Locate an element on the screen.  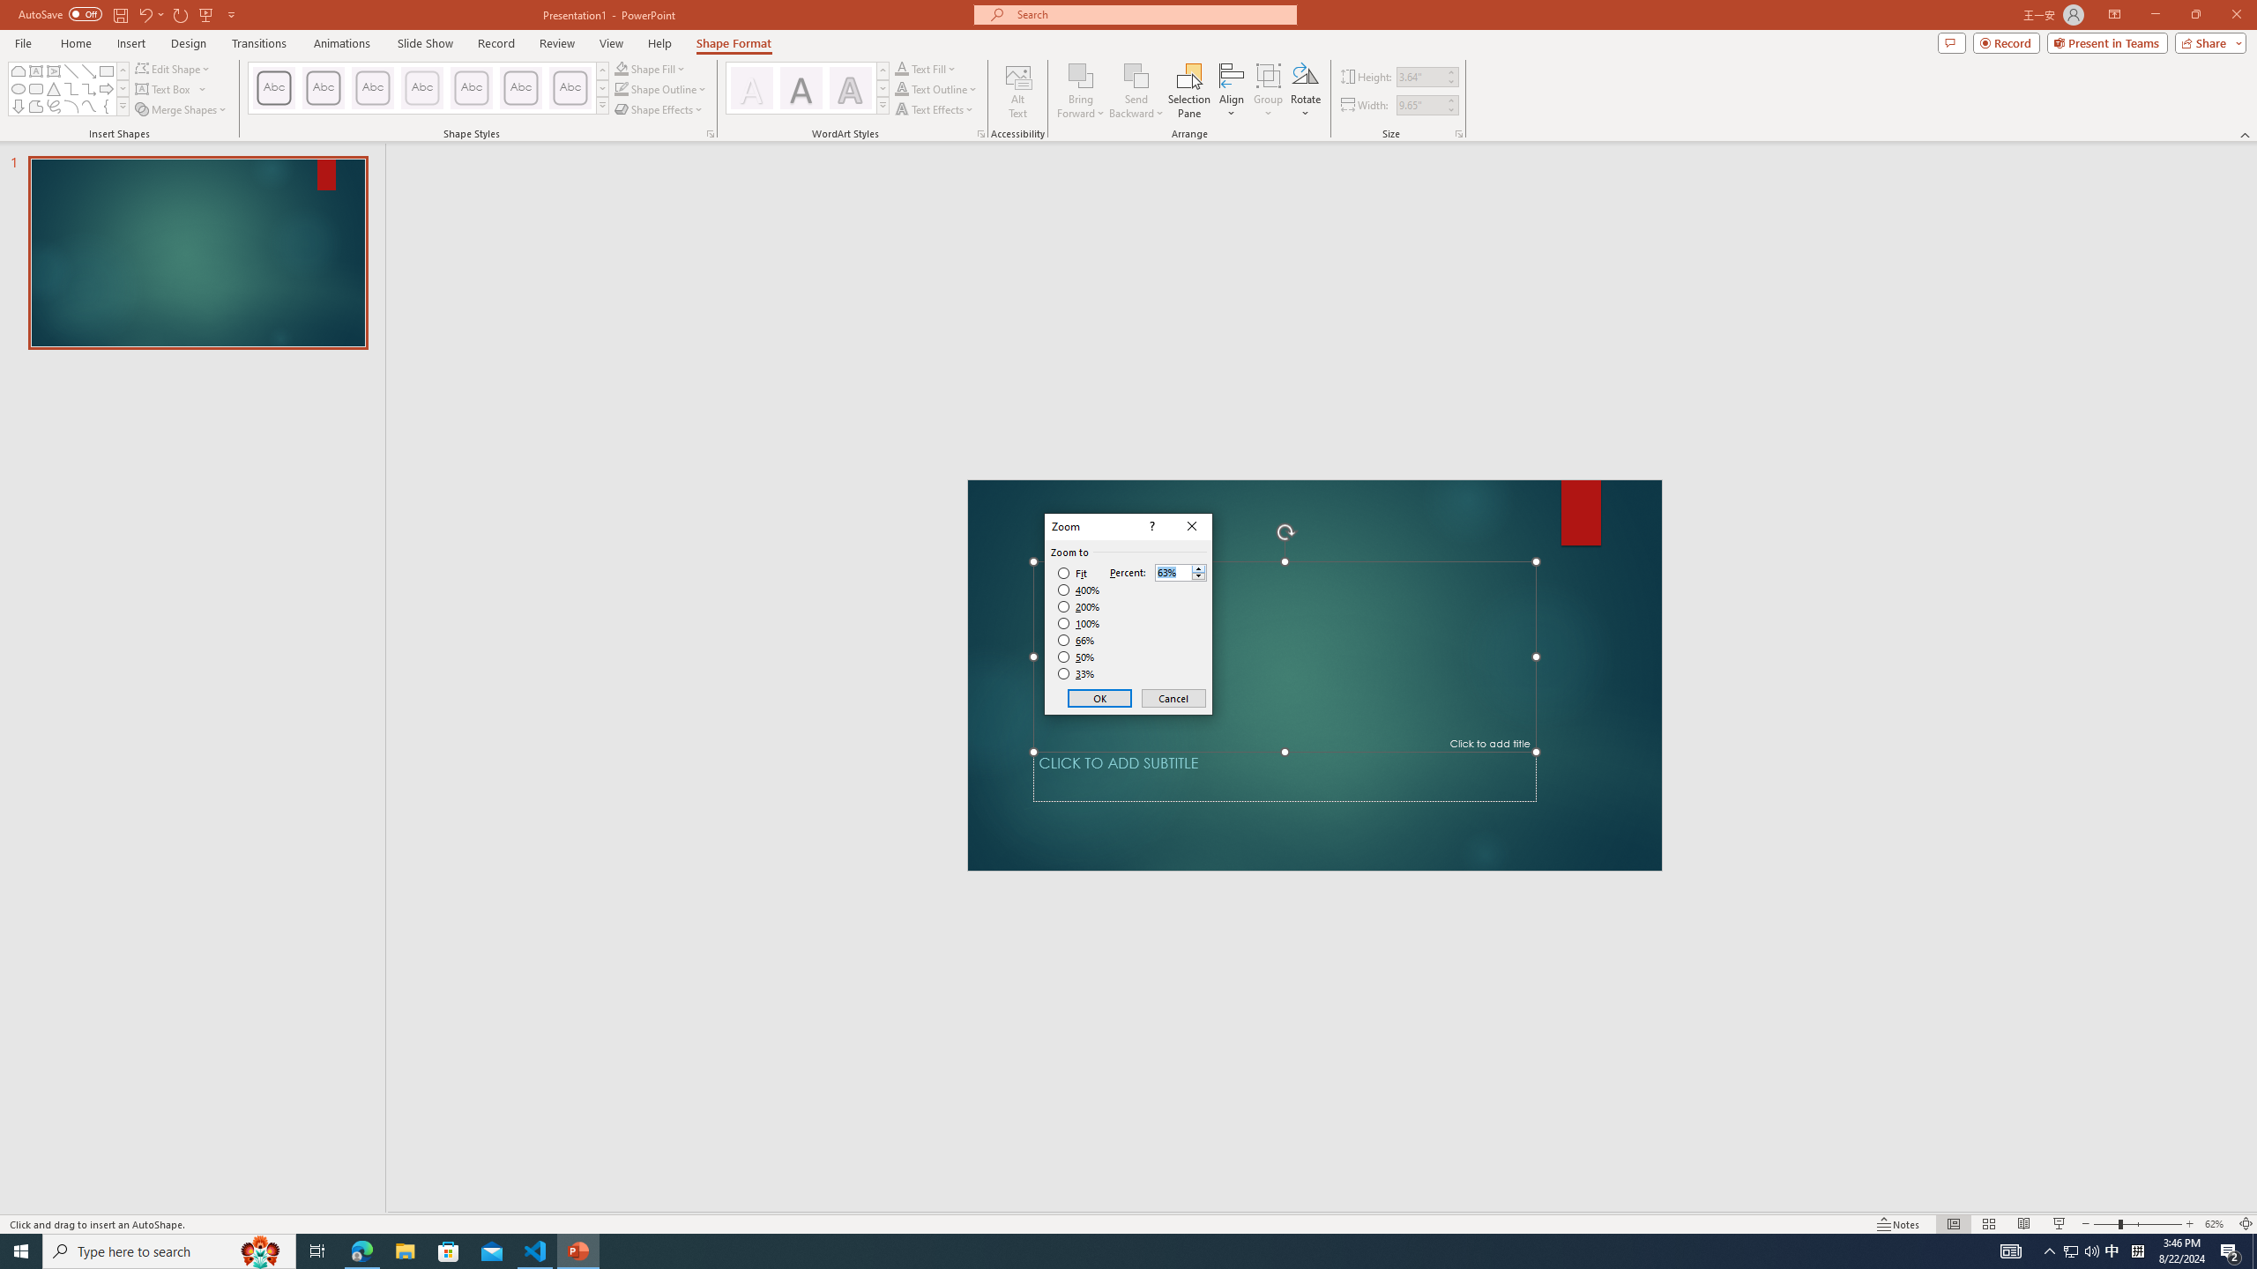
'Shape Outline Blue, Accent 1' is located at coordinates (622, 87).